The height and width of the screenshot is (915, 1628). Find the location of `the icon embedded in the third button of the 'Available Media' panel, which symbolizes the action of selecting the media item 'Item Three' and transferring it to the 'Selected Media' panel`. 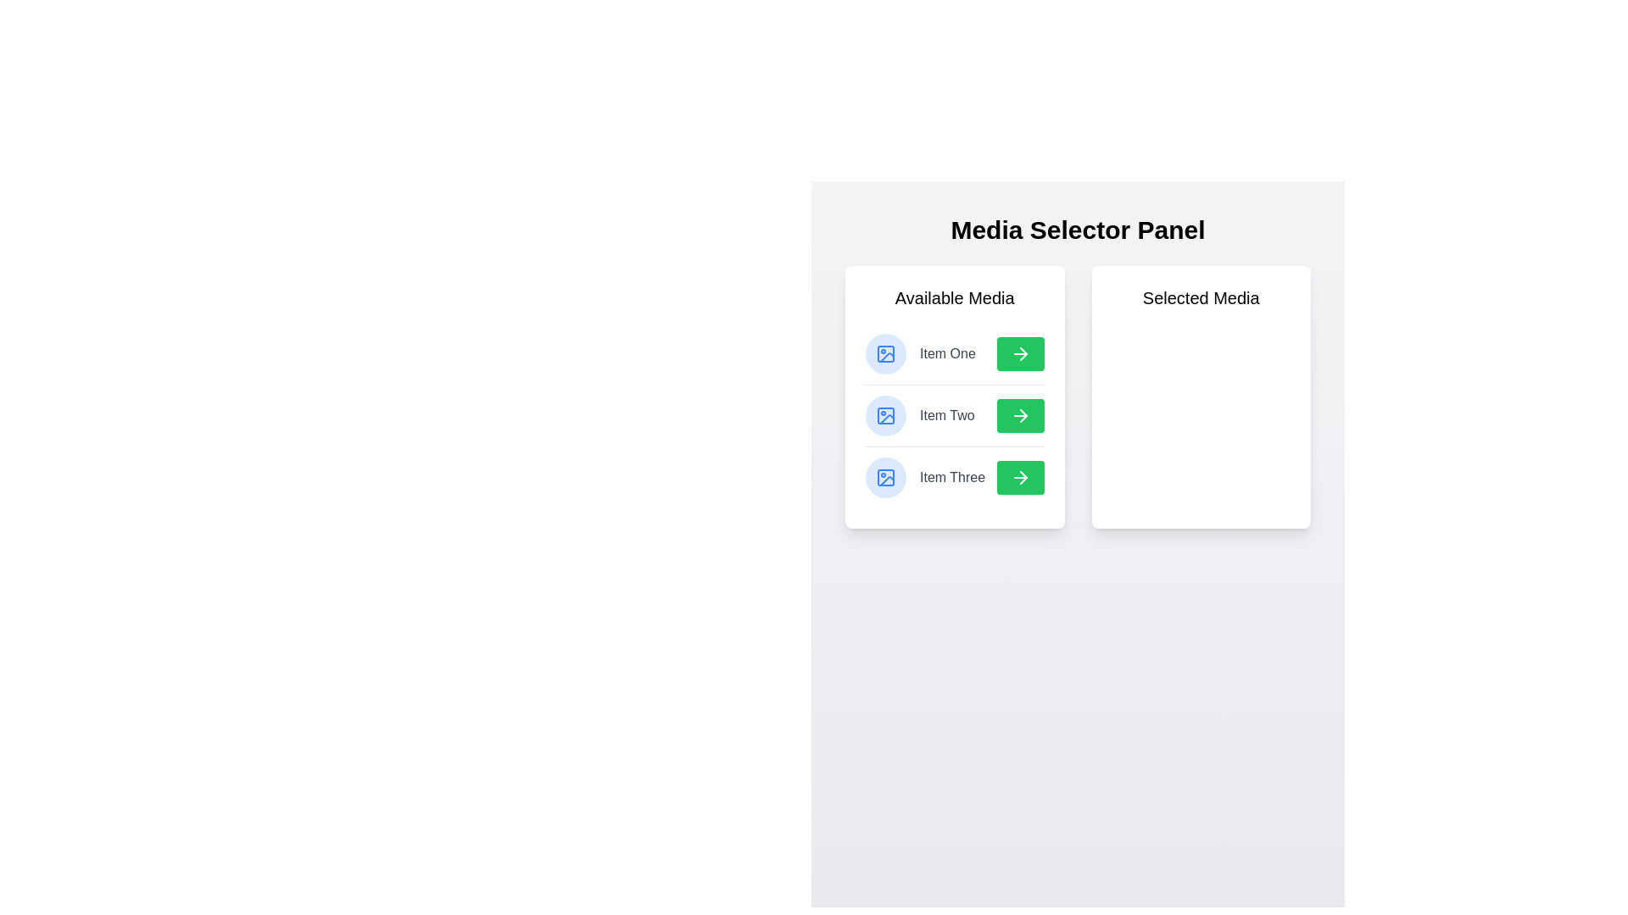

the icon embedded in the third button of the 'Available Media' panel, which symbolizes the action of selecting the media item 'Item Three' and transferring it to the 'Selected Media' panel is located at coordinates (1019, 477).